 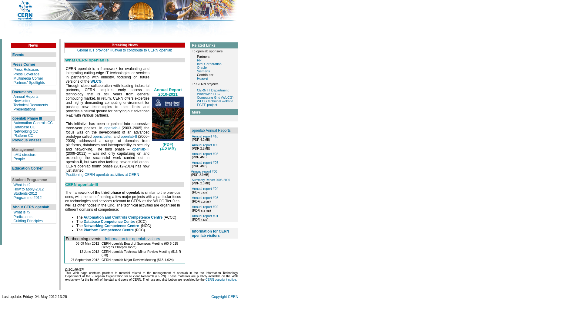 What do you see at coordinates (18, 55) in the screenshot?
I see `'Events'` at bounding box center [18, 55].